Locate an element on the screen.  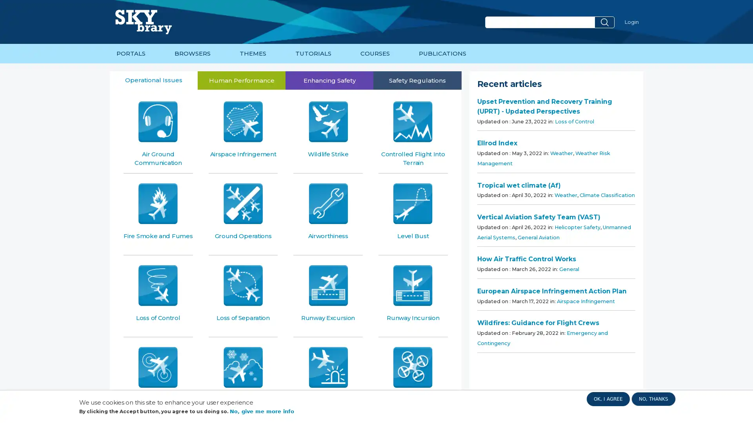
OK, I AGREE is located at coordinates (607, 404).